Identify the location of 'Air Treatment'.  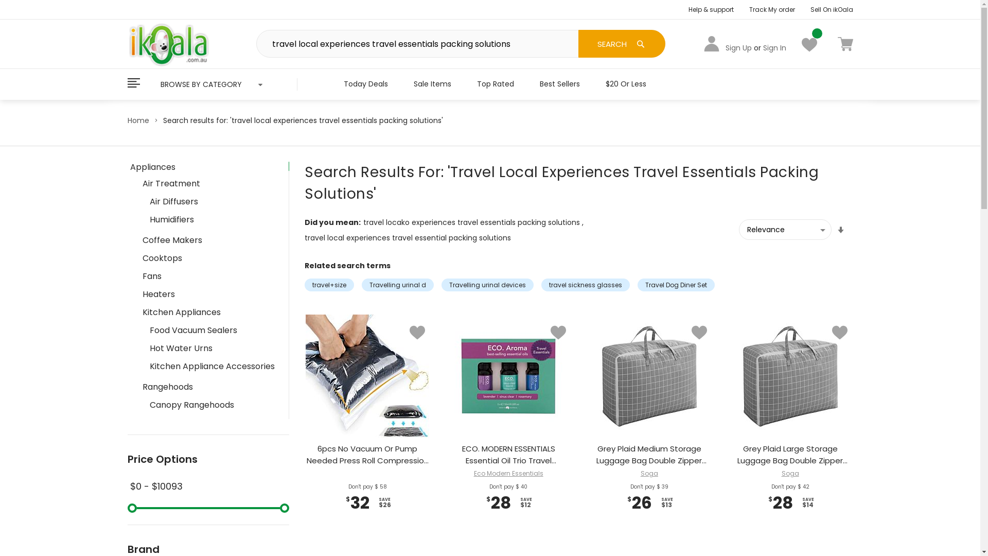
(209, 182).